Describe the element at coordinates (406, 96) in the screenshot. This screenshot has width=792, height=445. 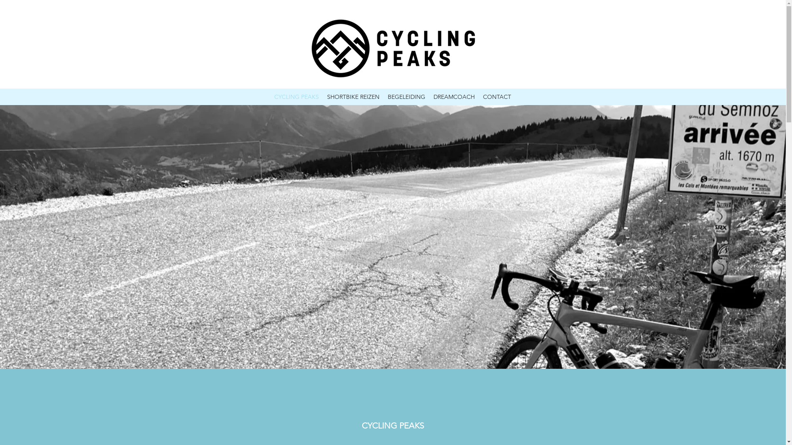
I see `'BEGELEIDING'` at that location.